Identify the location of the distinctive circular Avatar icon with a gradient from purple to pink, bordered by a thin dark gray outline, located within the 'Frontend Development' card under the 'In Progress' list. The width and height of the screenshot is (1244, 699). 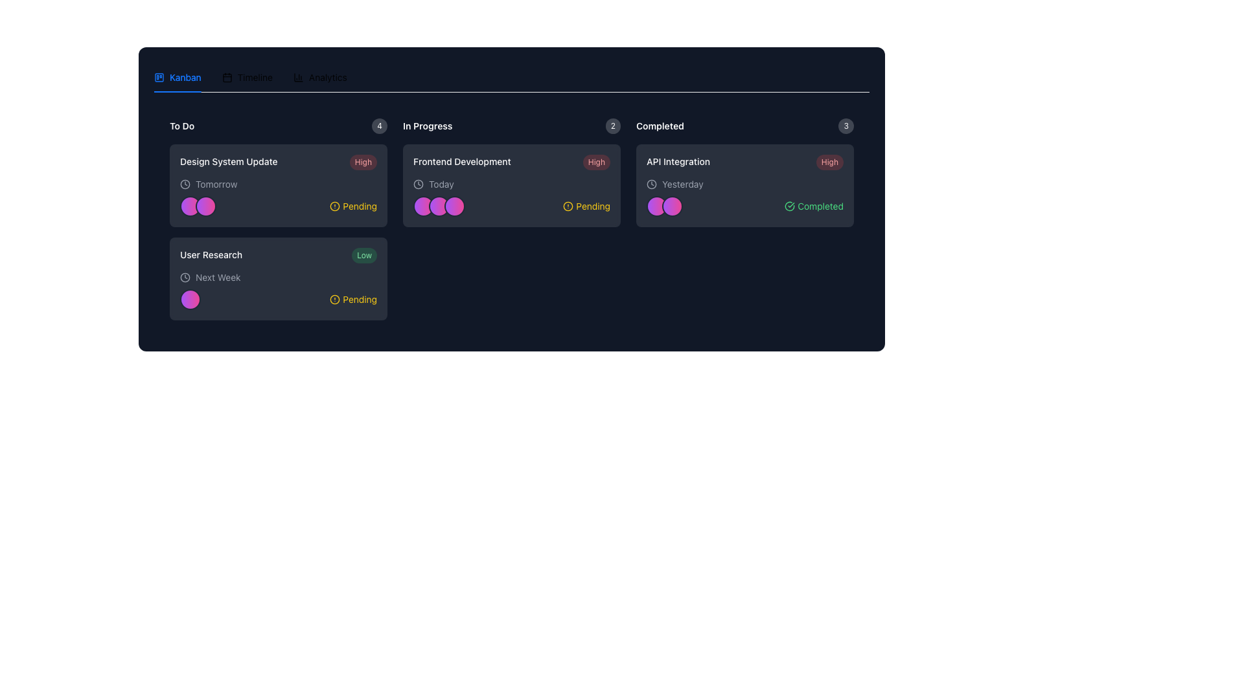
(423, 206).